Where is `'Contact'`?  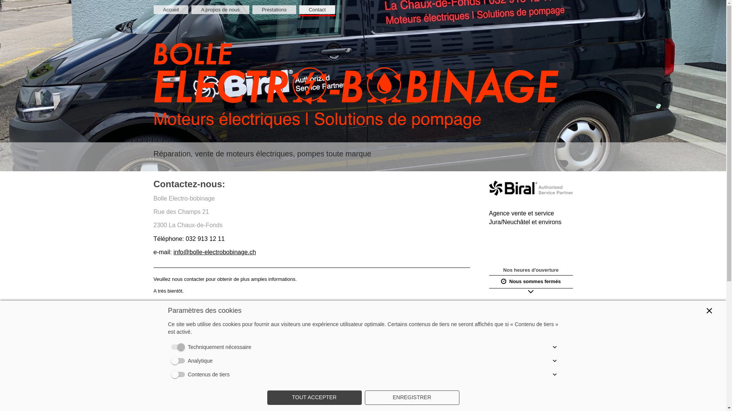
'Contact' is located at coordinates (317, 10).